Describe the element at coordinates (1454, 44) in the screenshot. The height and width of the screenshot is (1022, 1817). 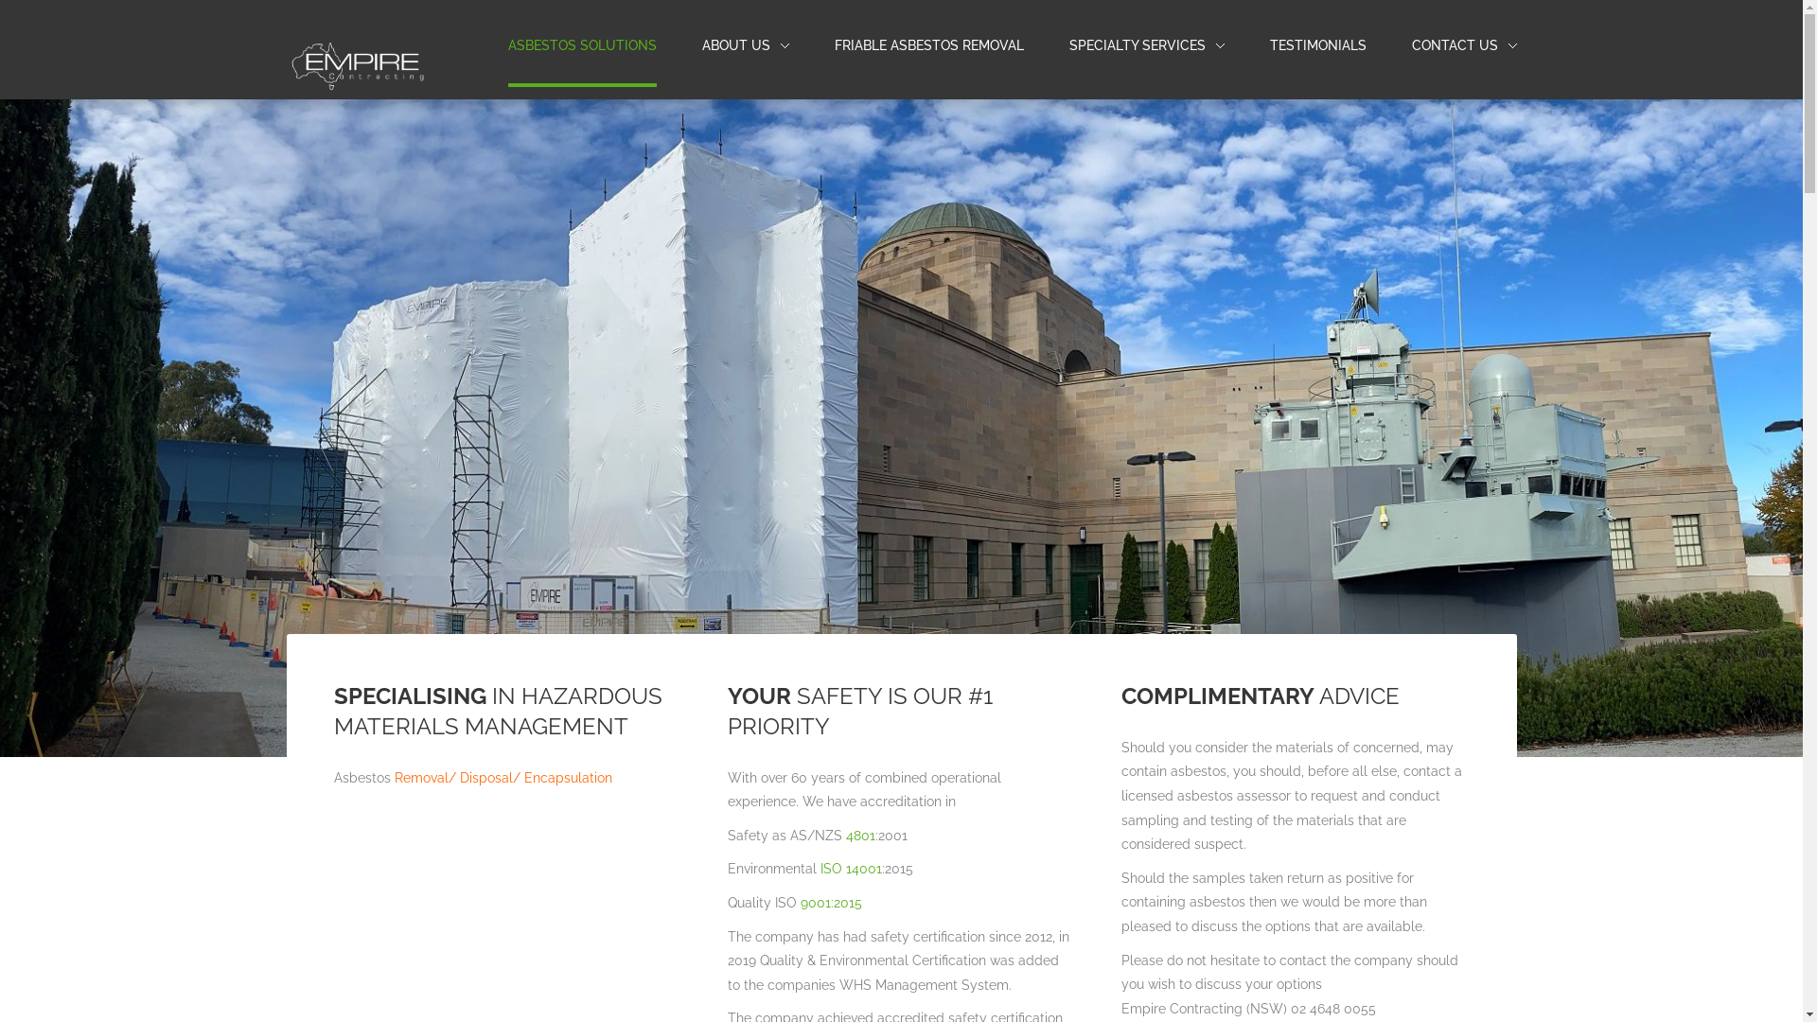
I see `'CONTACT US'` at that location.